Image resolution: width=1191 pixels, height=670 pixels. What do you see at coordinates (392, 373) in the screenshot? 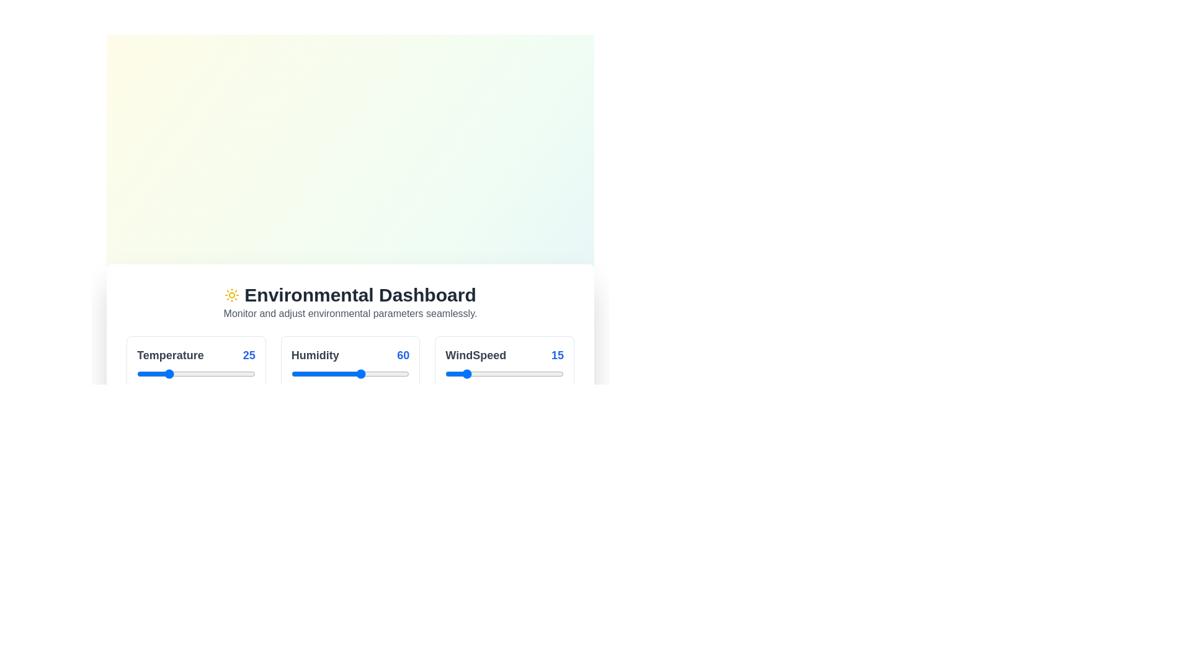
I see `the Humidity slider` at bounding box center [392, 373].